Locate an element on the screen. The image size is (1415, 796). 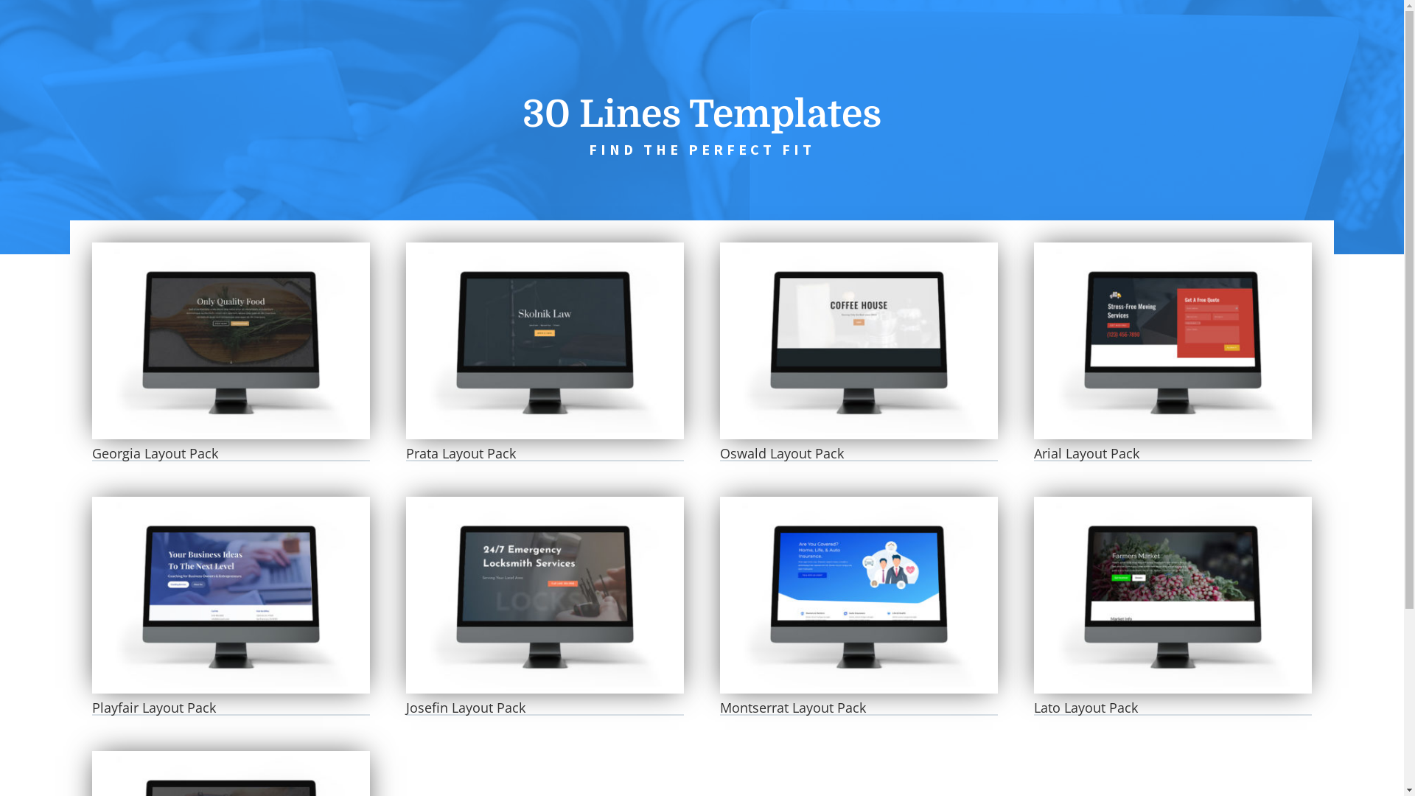
'Prata Layout Pack' is located at coordinates (544, 341).